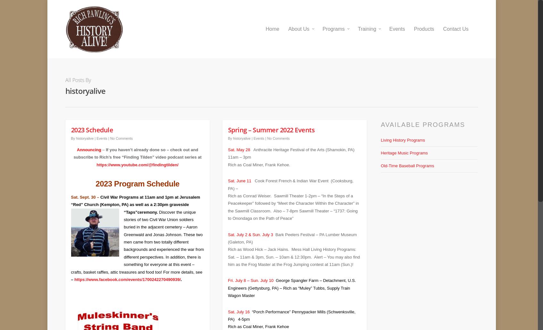 This screenshot has width=543, height=330. What do you see at coordinates (89, 144) in the screenshot?
I see `'Announcing'` at bounding box center [89, 144].